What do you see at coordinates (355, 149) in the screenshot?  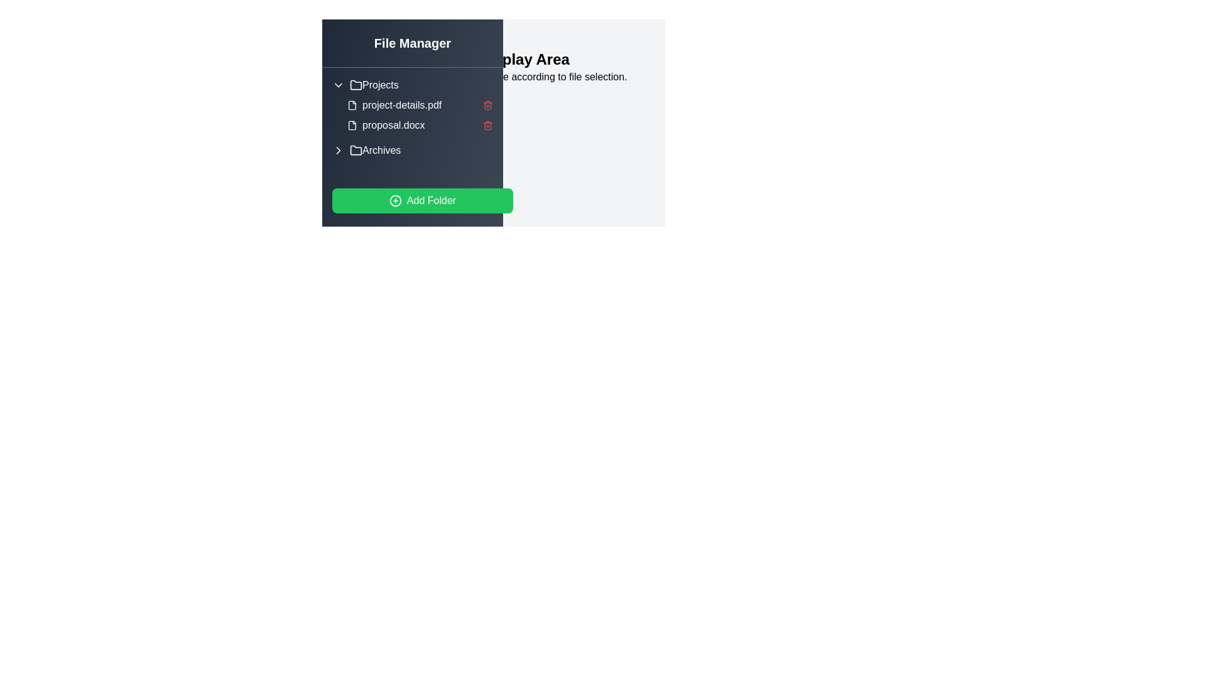 I see `the folder-shaped icon located next to the 'Archives' label in the sidebar` at bounding box center [355, 149].